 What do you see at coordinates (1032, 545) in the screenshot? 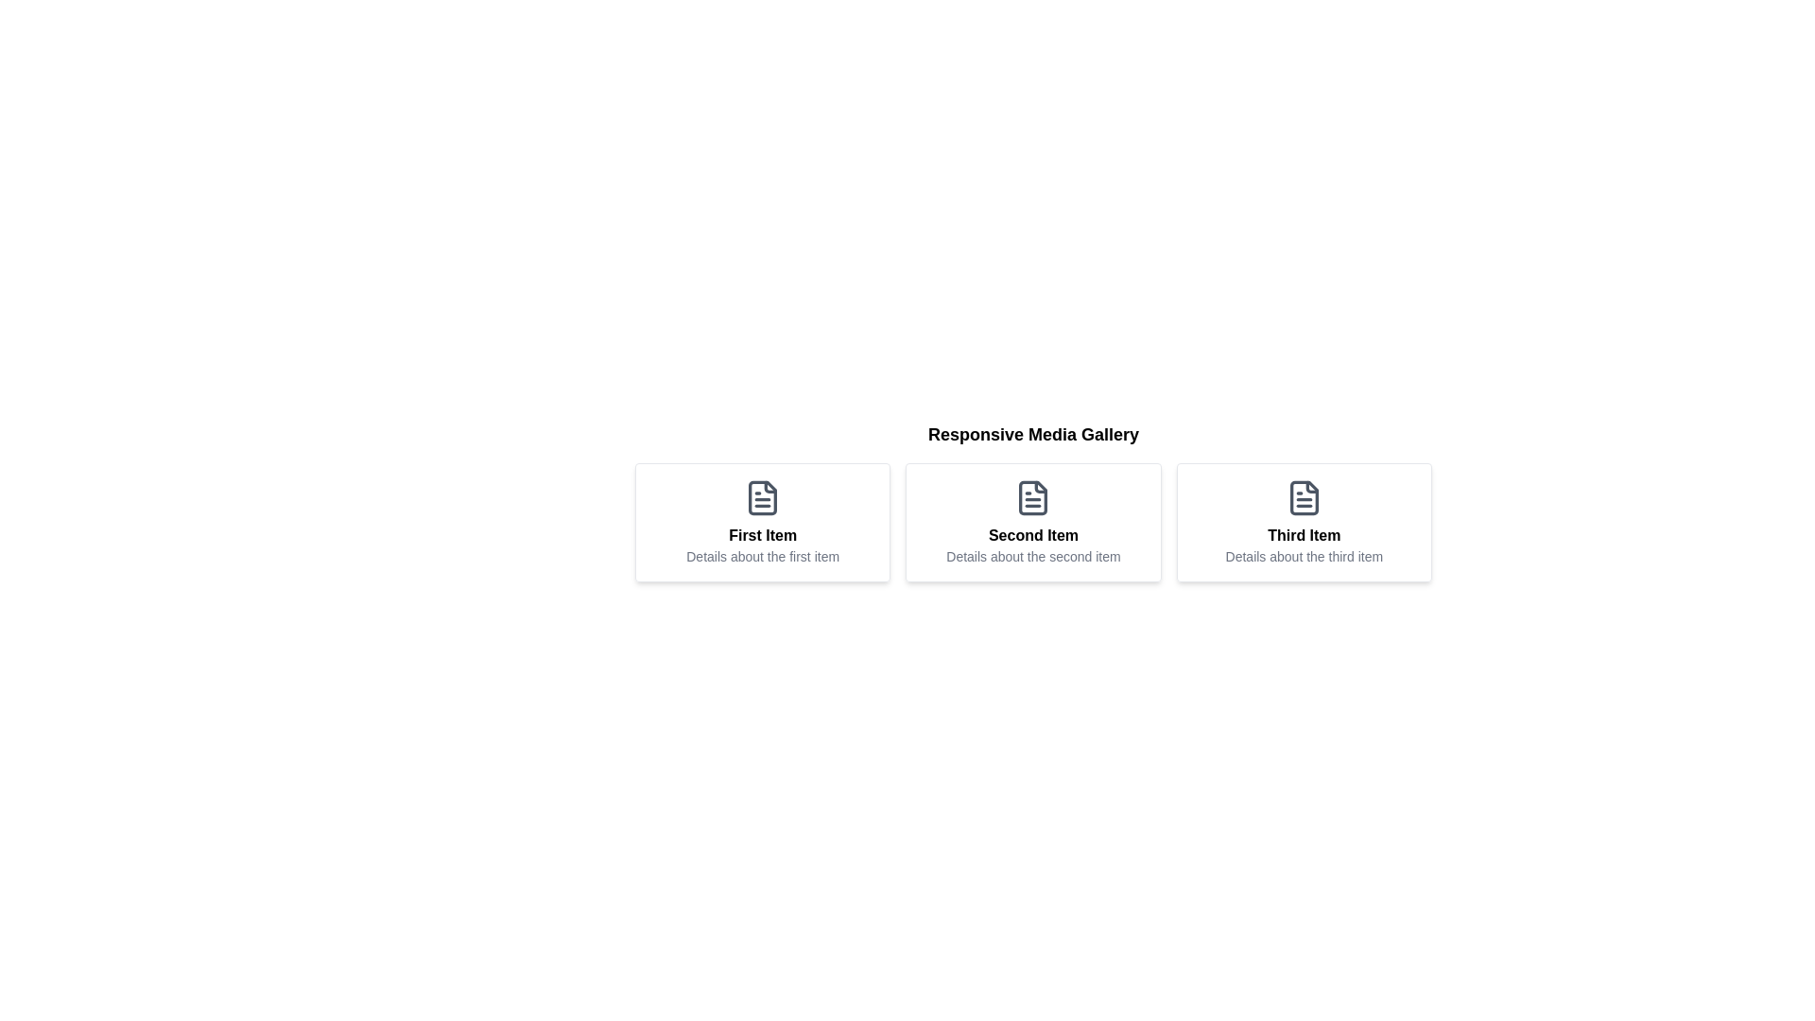
I see `text of the Informational Label element that displays 'Second Item' and 'Details about the second item.'` at bounding box center [1032, 545].